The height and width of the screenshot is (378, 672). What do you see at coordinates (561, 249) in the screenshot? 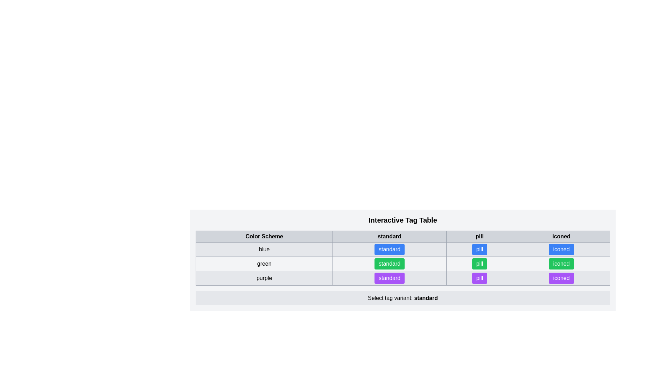
I see `the button located in the third row of the table under the 'iconed' column` at bounding box center [561, 249].